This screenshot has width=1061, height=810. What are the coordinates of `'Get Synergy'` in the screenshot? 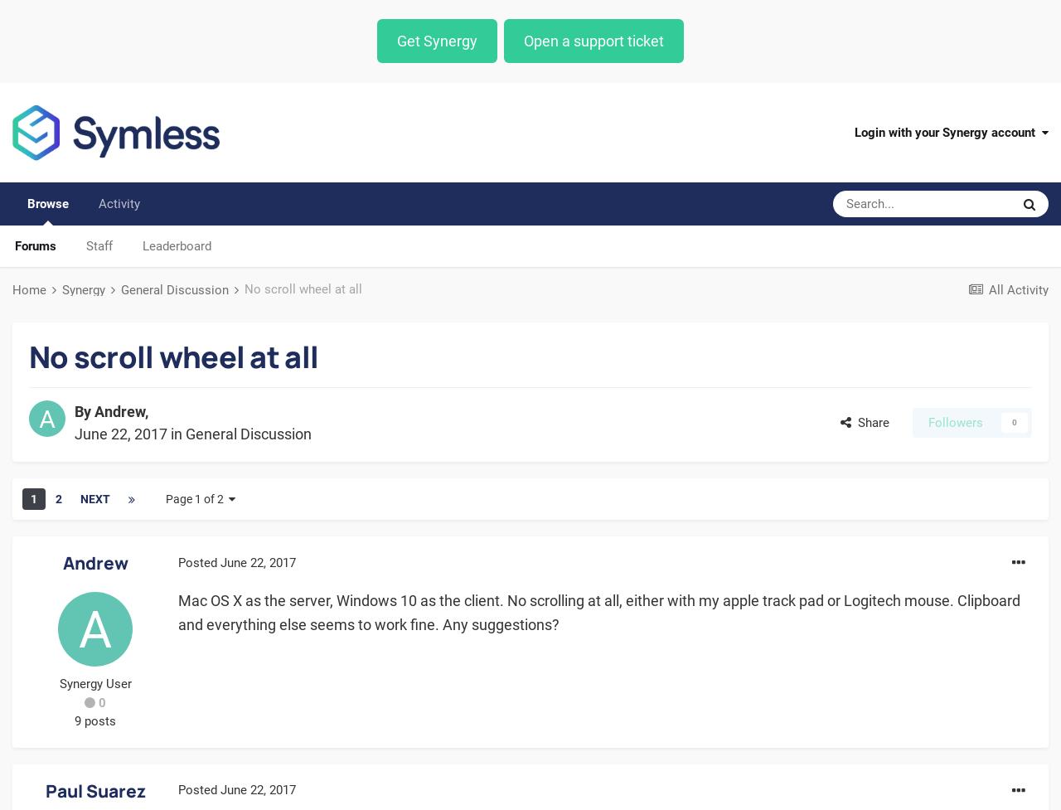 It's located at (395, 41).